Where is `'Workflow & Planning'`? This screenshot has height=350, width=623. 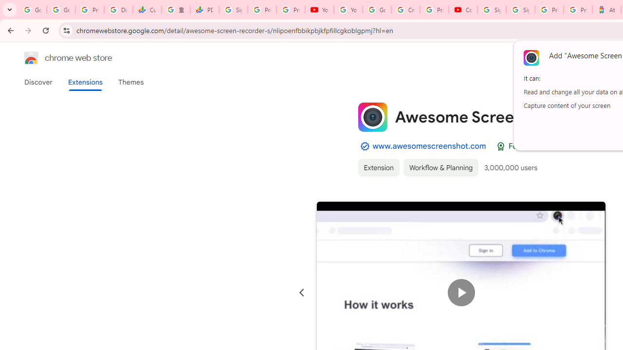 'Workflow & Planning' is located at coordinates (440, 167).